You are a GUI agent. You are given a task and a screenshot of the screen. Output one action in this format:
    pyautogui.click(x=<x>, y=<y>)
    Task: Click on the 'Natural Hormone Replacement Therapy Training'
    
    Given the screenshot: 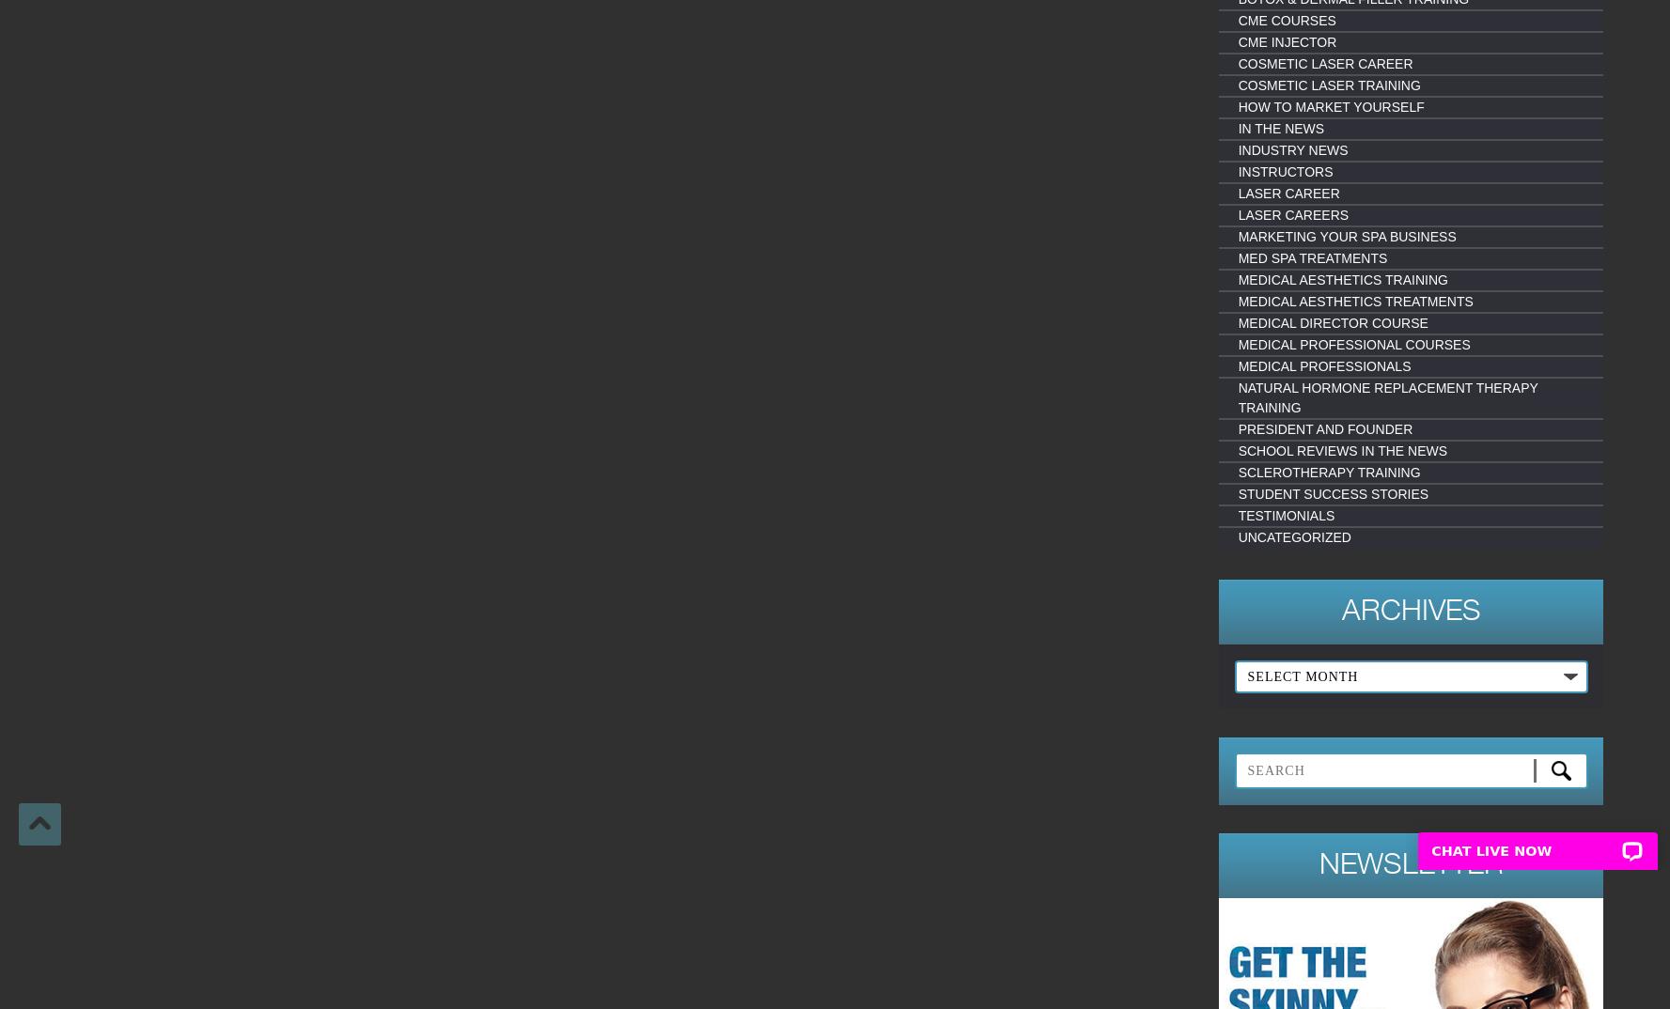 What is the action you would take?
    pyautogui.click(x=1387, y=397)
    